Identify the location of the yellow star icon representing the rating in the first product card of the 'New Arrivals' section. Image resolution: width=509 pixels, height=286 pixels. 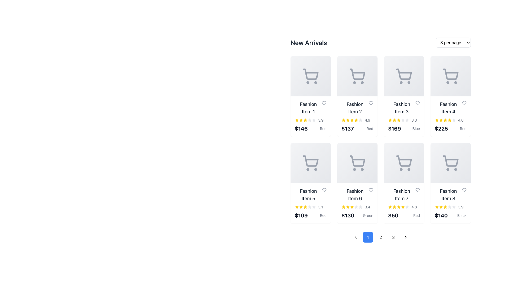
(296, 120).